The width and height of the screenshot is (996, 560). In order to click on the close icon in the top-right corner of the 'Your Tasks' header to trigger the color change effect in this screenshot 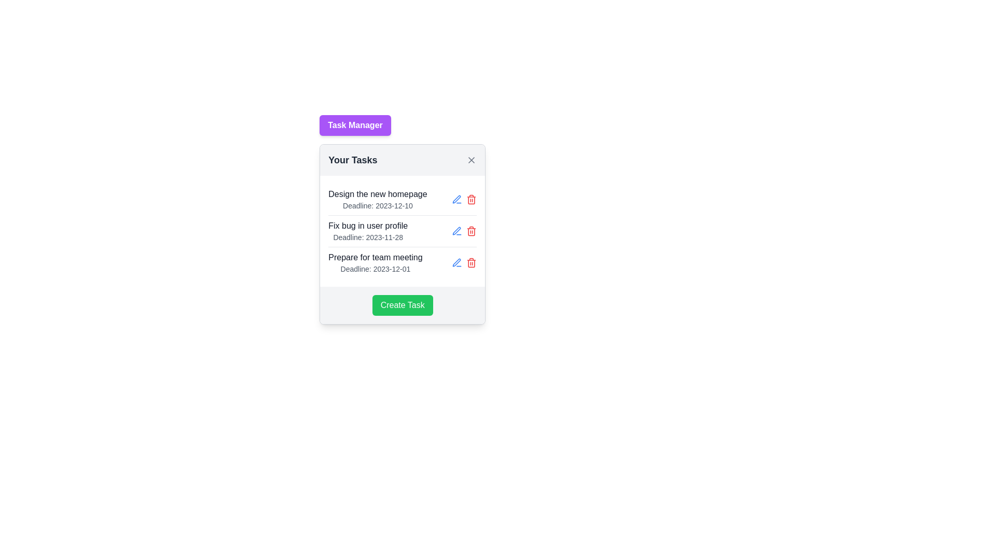, I will do `click(471, 160)`.